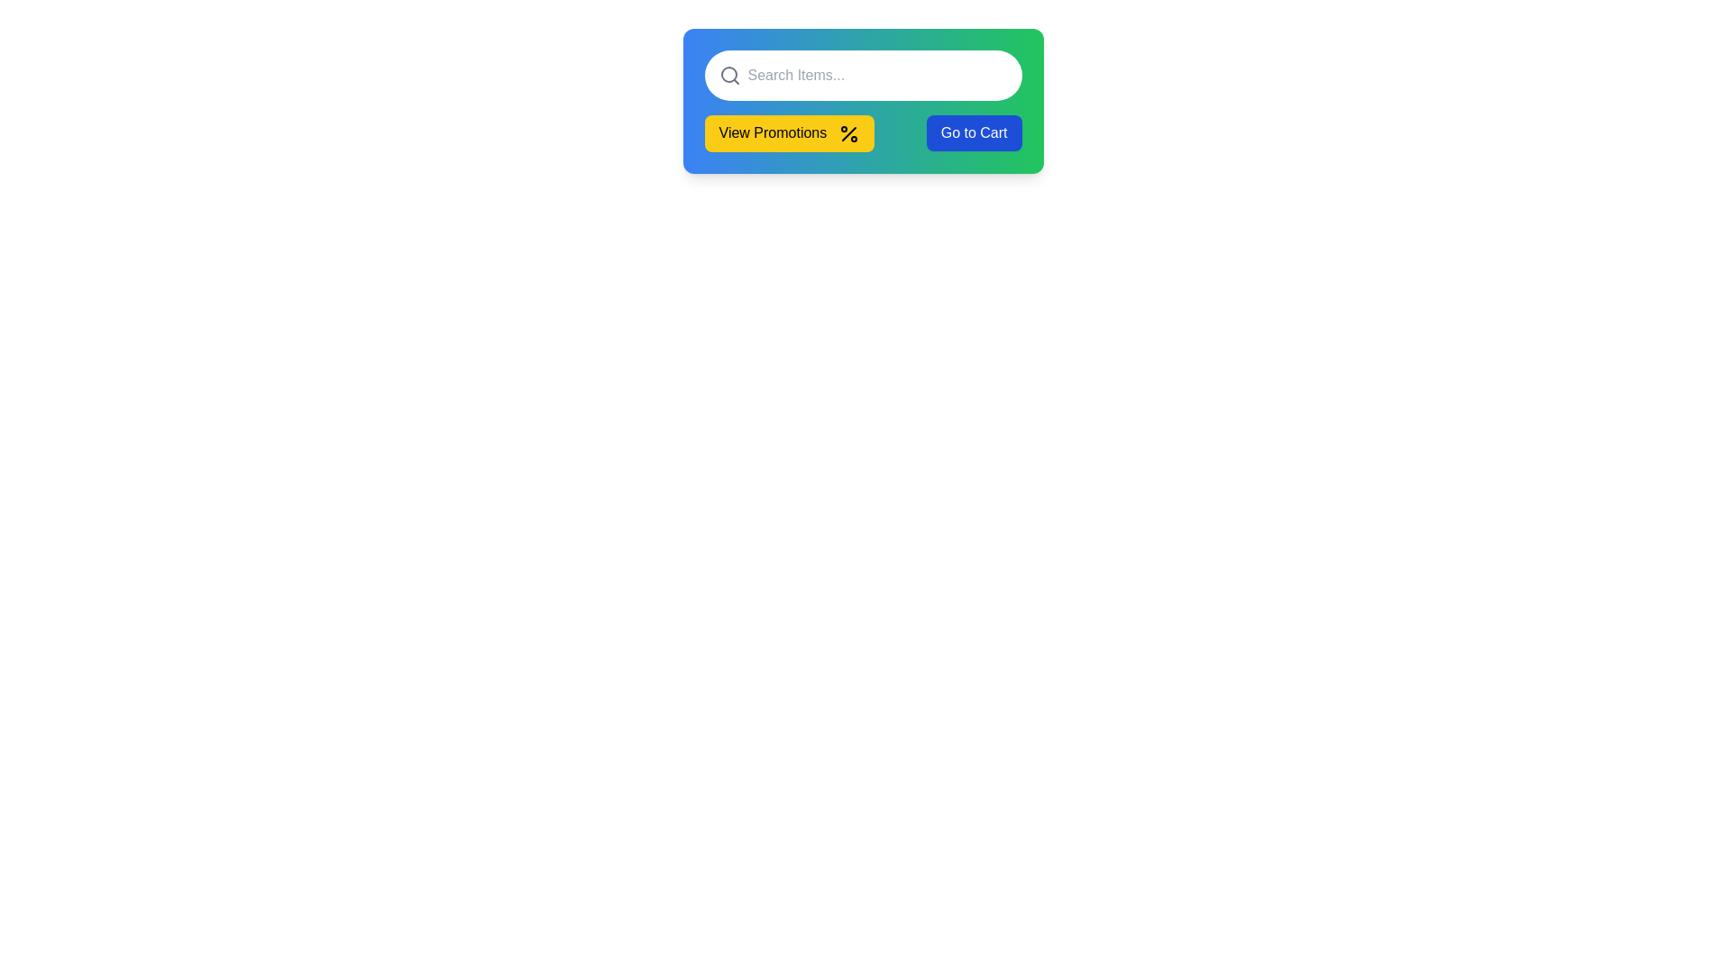  What do you see at coordinates (847, 132) in the screenshot?
I see `the discount icon located on the right side of the 'View Promotions' button, which visually represents discounts or promotions` at bounding box center [847, 132].